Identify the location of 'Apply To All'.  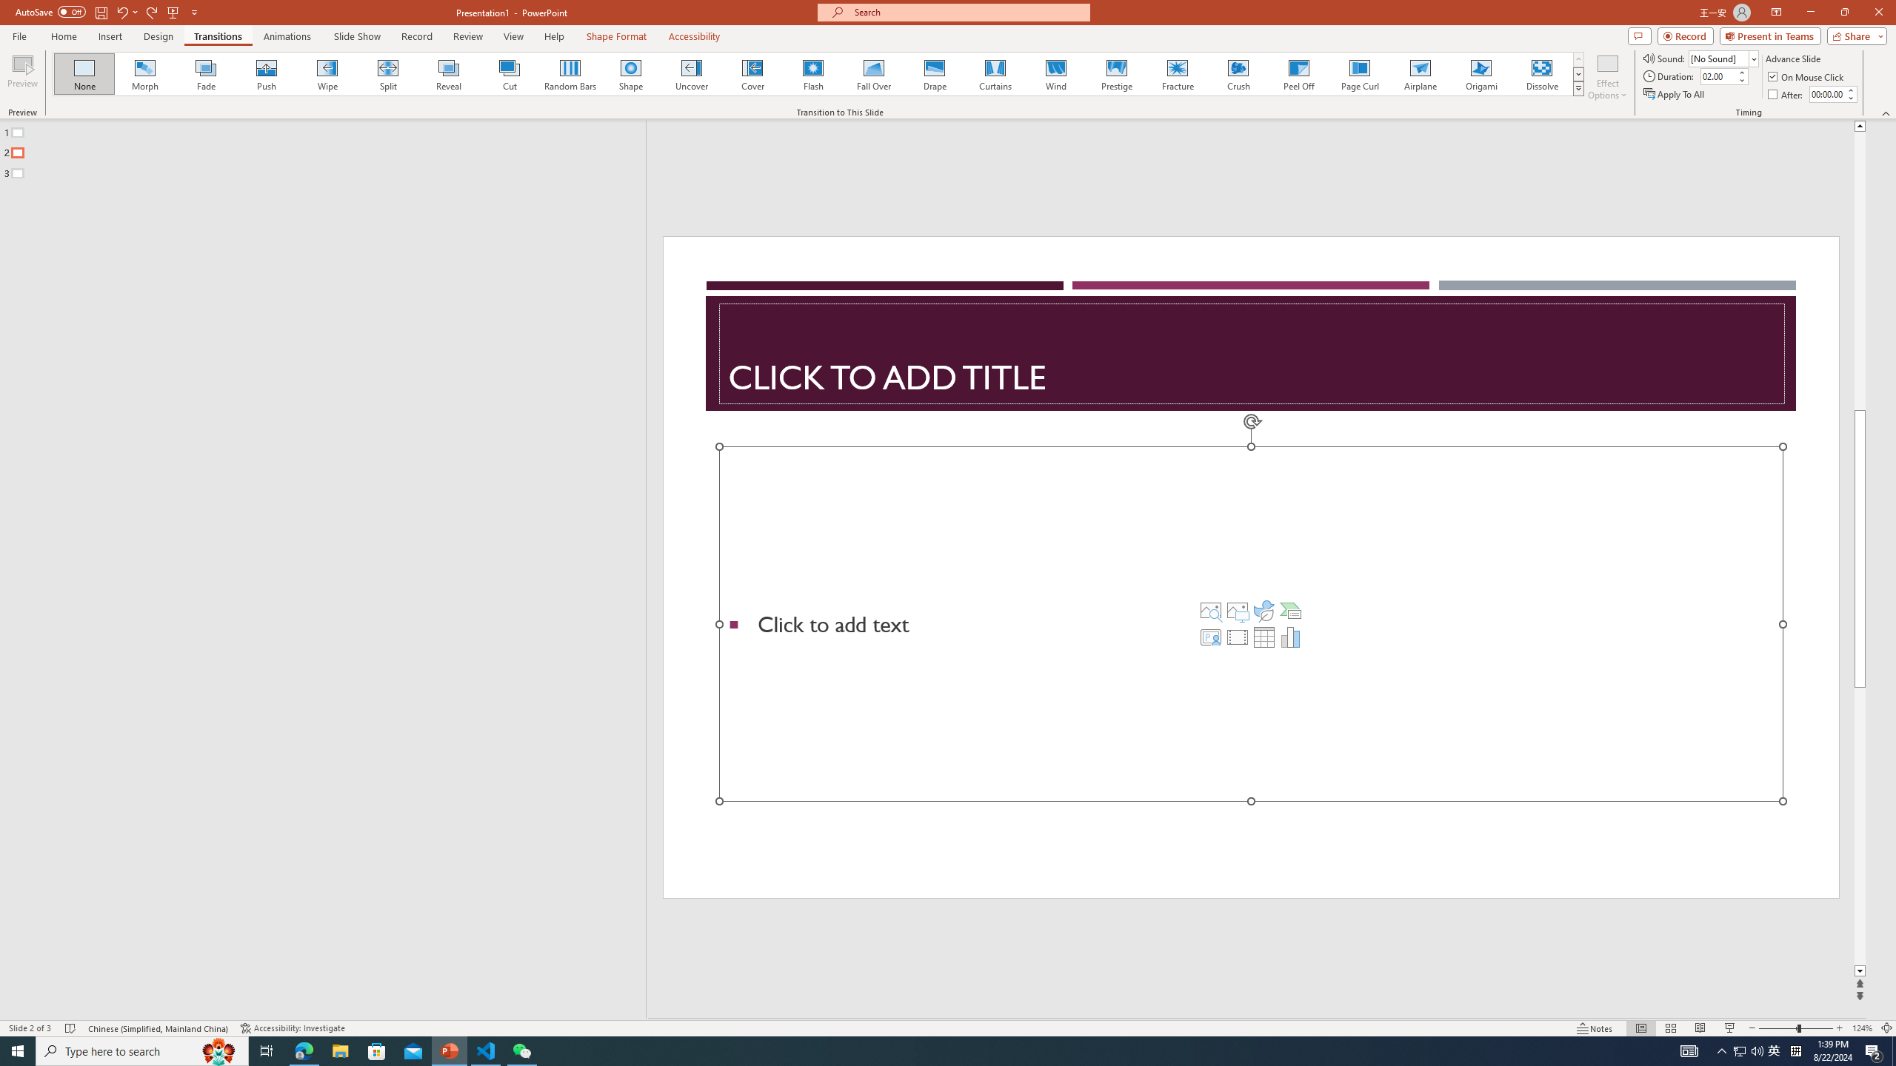
(1675, 94).